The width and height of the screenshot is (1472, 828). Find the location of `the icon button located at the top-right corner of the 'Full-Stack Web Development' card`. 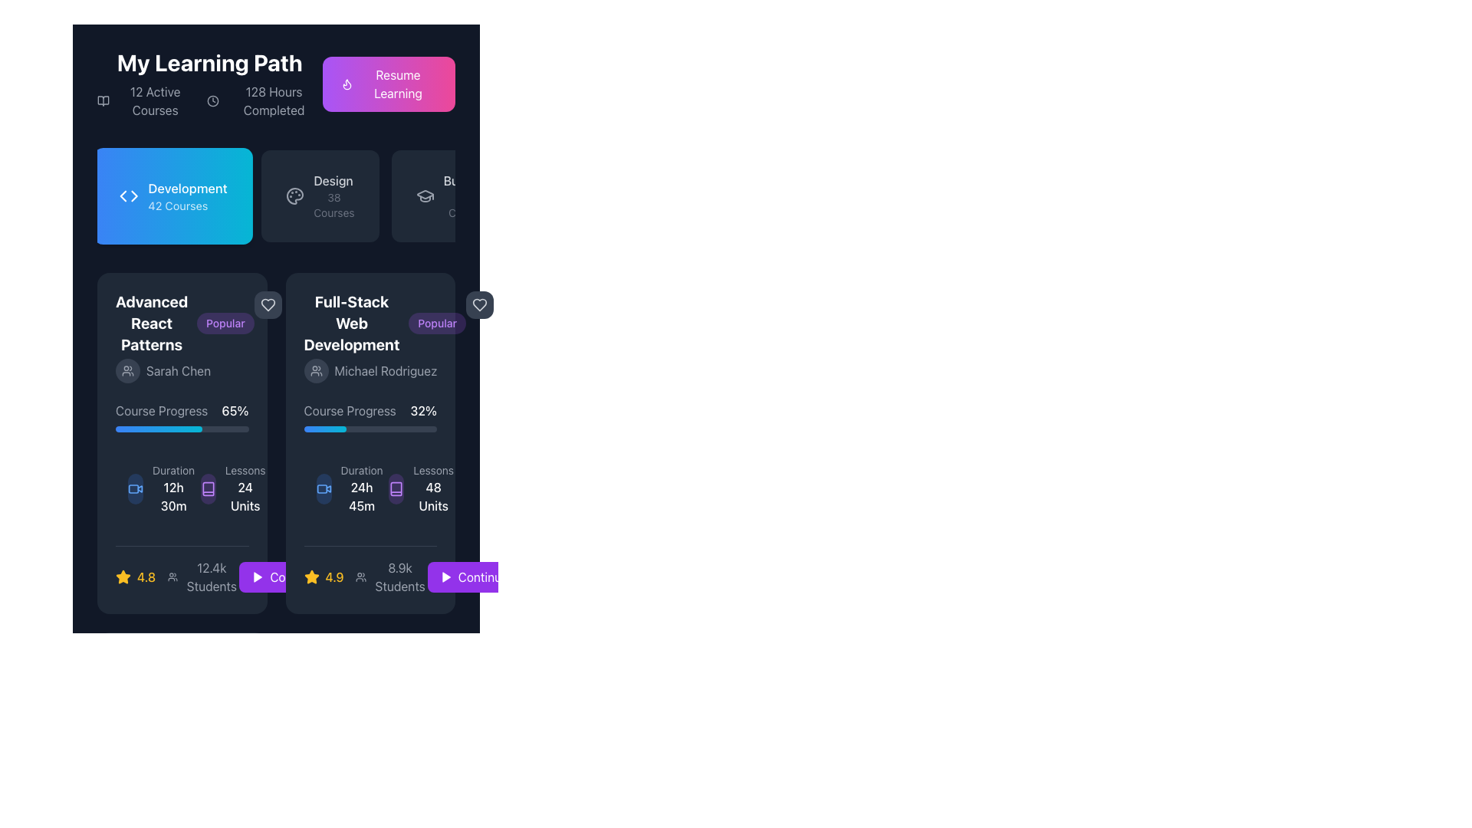

the icon button located at the top-right corner of the 'Full-Stack Web Development' card is located at coordinates (478, 304).